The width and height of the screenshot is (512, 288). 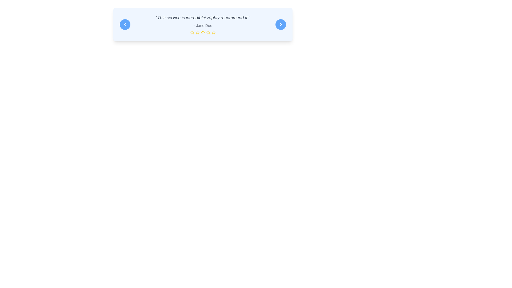 What do you see at coordinates (197, 32) in the screenshot?
I see `the second star in the rating system` at bounding box center [197, 32].